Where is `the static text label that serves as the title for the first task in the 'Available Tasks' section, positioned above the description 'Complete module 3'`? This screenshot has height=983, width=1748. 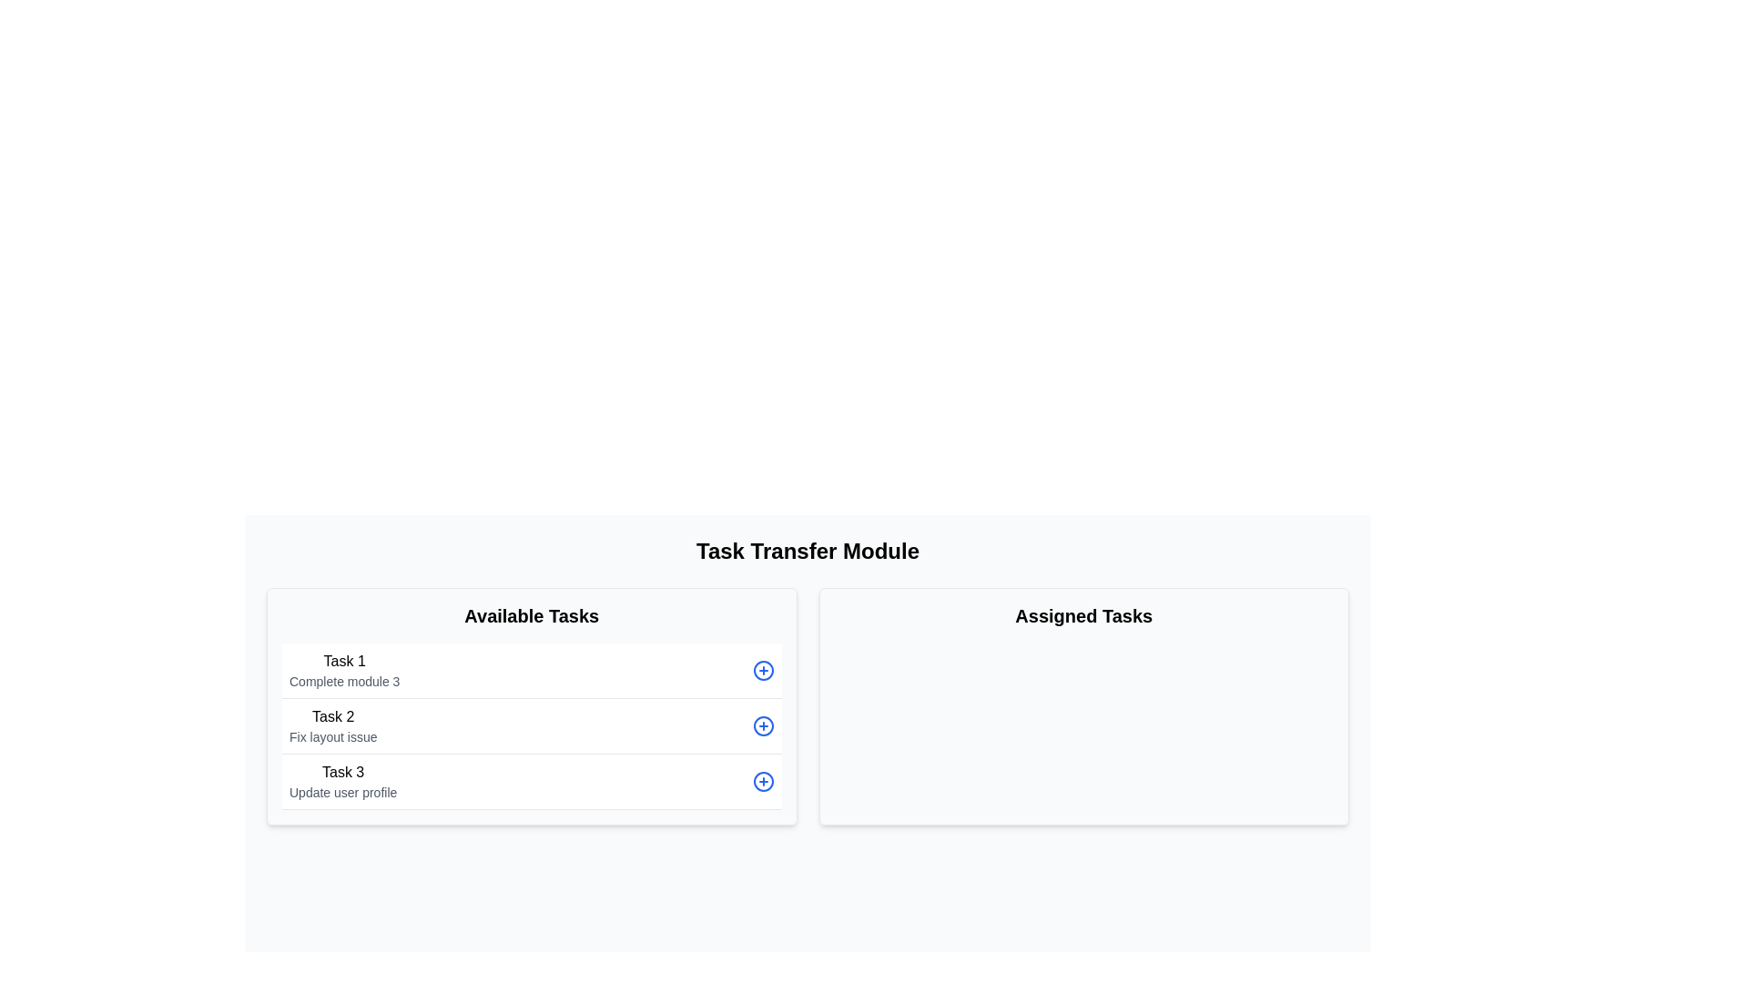
the static text label that serves as the title for the first task in the 'Available Tasks' section, positioned above the description 'Complete module 3' is located at coordinates (344, 661).